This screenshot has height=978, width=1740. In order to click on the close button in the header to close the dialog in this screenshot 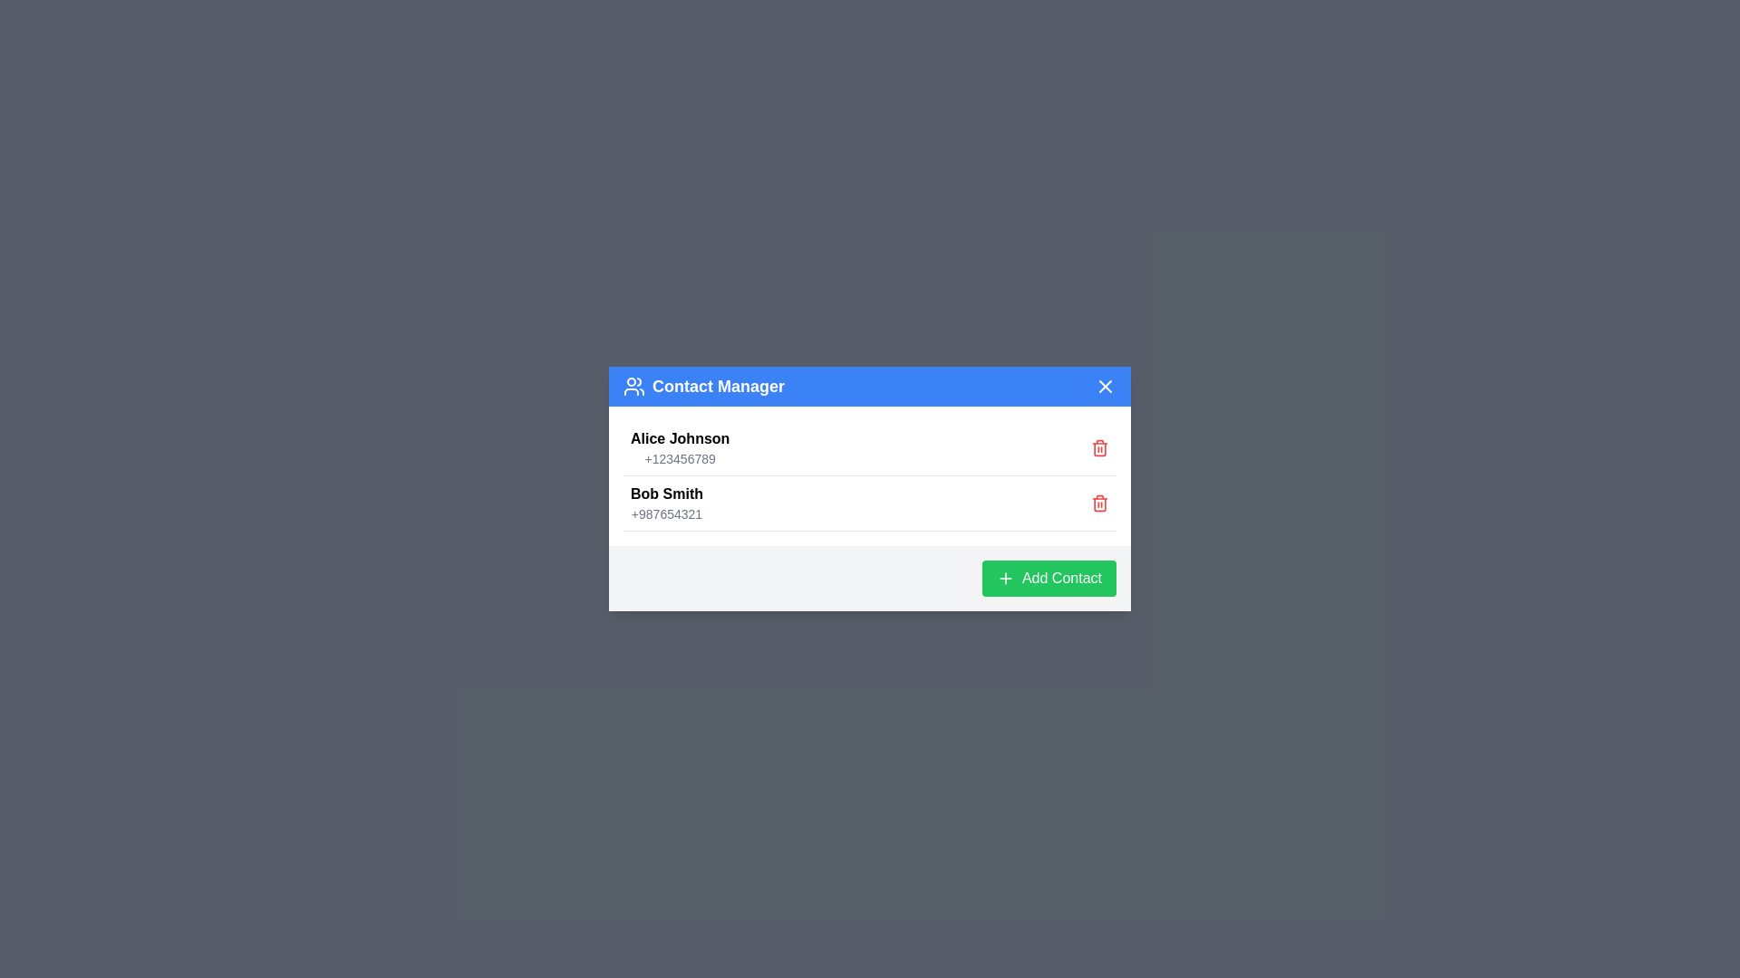, I will do `click(1104, 386)`.